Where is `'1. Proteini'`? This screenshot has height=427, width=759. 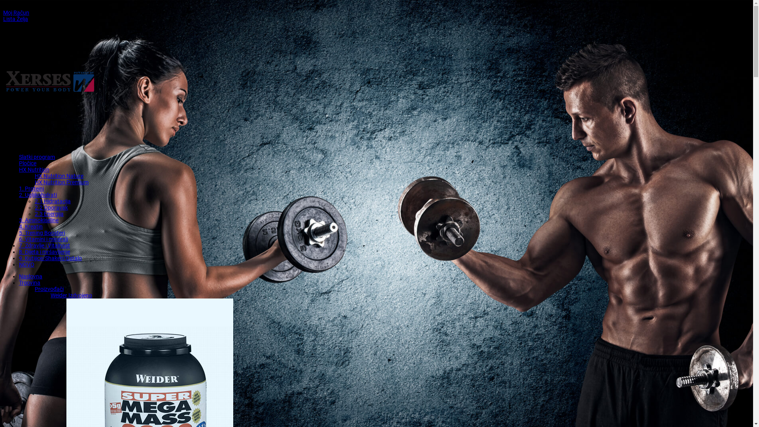
'1. Proteini' is located at coordinates (31, 189).